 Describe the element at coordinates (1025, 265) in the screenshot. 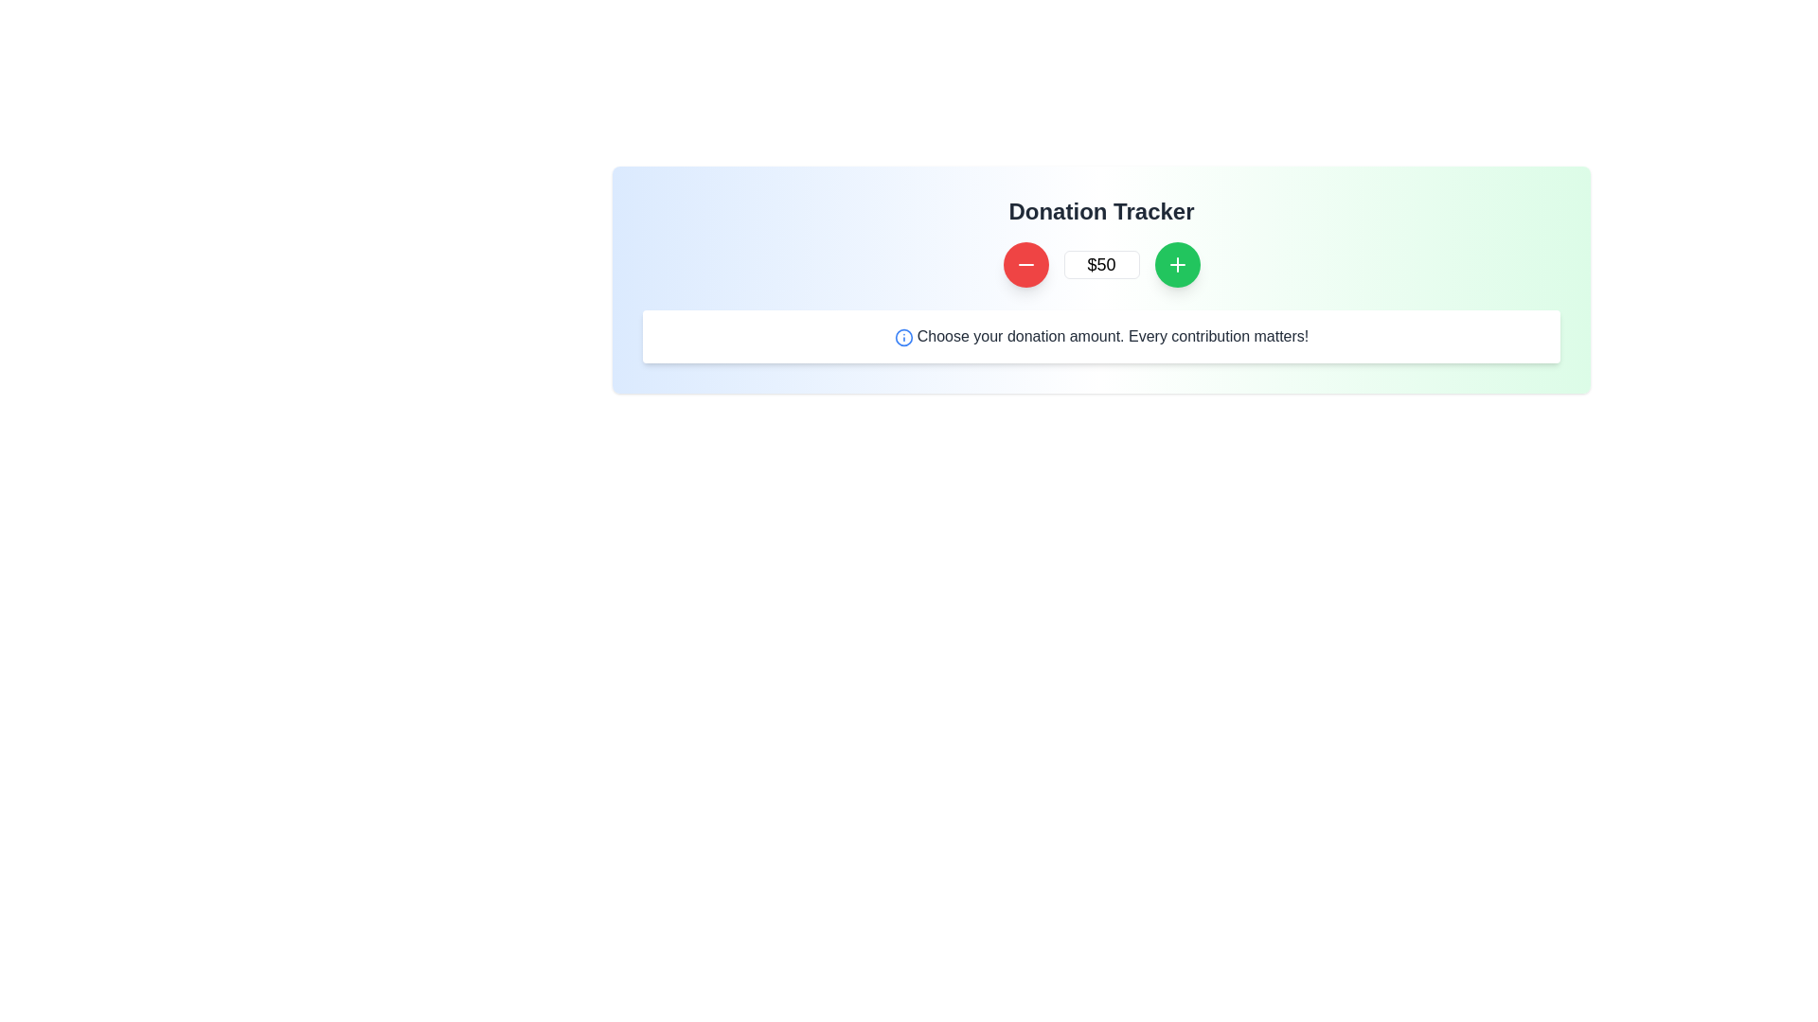

I see `the decrement button, which is represented by a minus icon centered within a red circular button, to reduce the numeric value displayed next to it` at that location.